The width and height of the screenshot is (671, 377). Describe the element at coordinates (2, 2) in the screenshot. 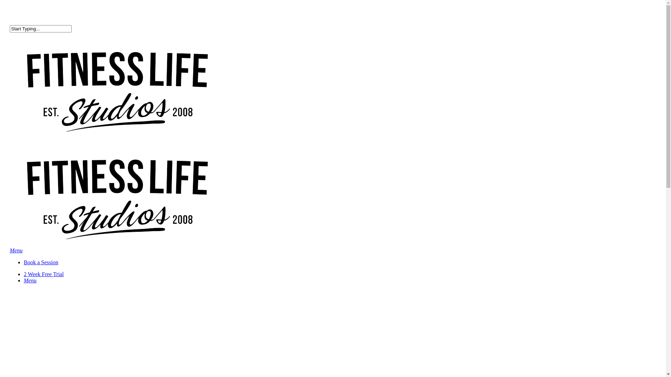

I see `'Skip to main content'` at that location.